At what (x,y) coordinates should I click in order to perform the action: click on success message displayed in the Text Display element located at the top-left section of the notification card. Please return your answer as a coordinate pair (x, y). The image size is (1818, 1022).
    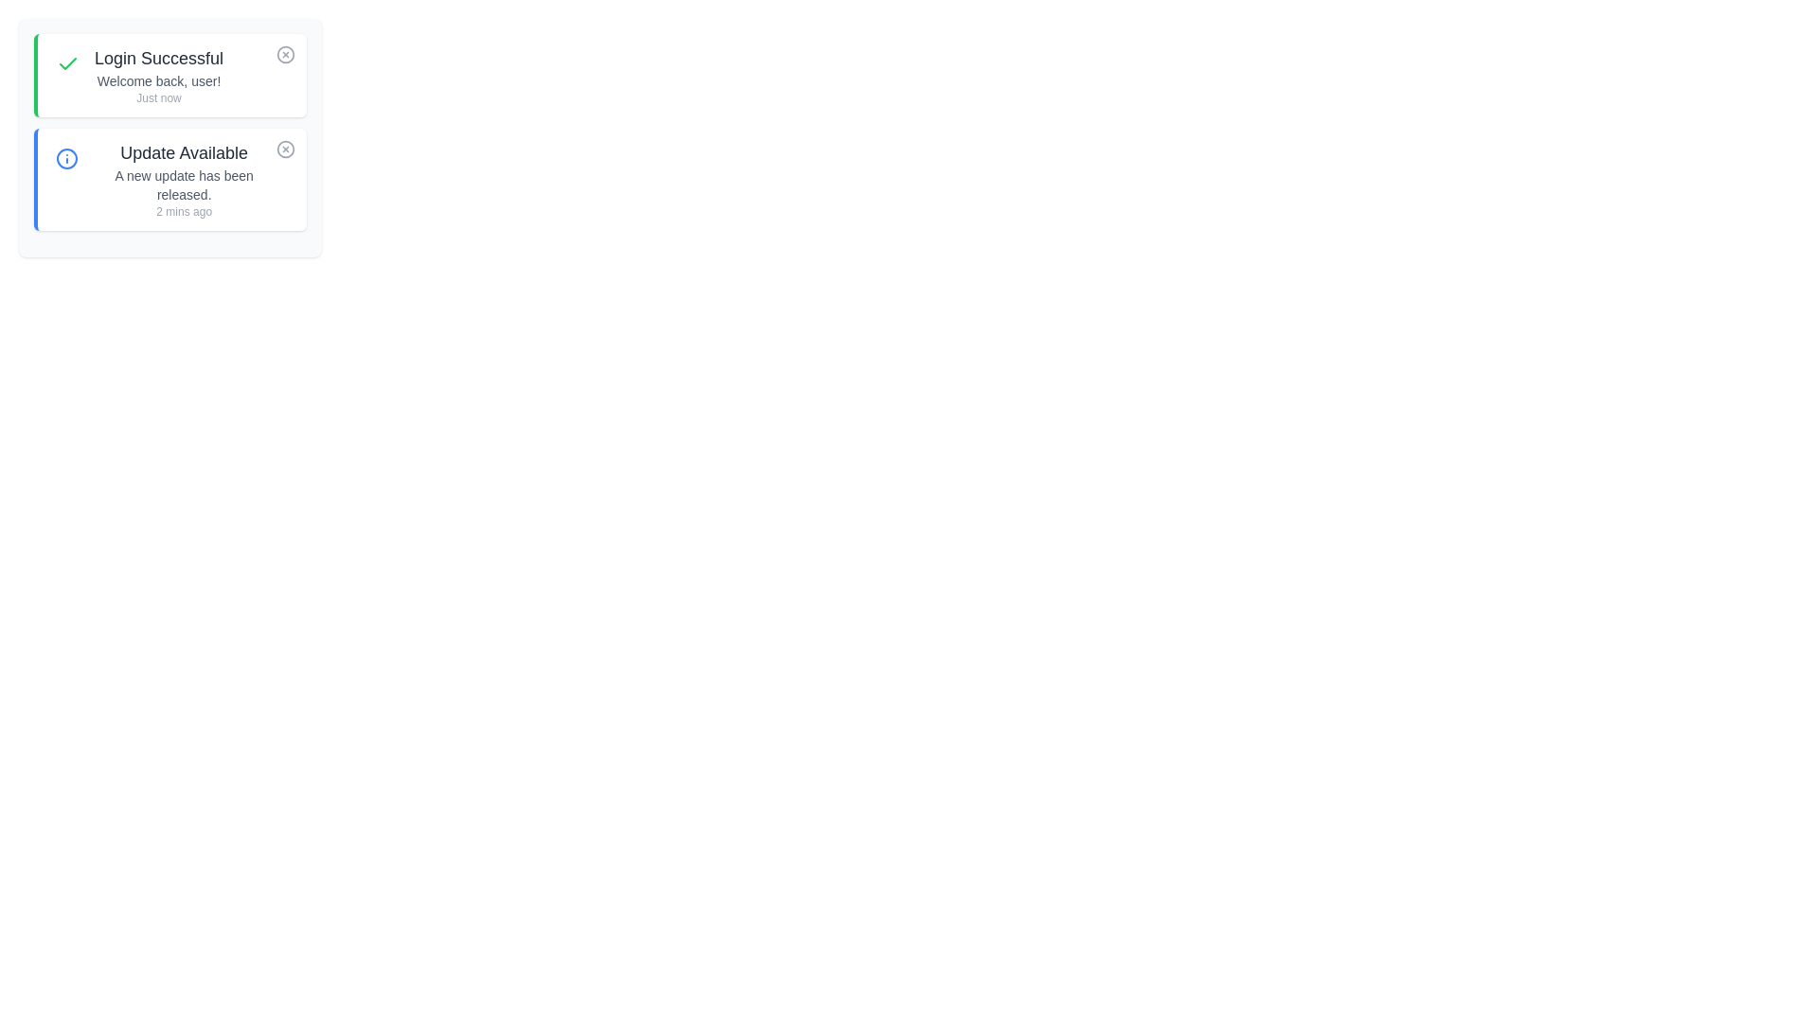
    Looking at the image, I should click on (159, 57).